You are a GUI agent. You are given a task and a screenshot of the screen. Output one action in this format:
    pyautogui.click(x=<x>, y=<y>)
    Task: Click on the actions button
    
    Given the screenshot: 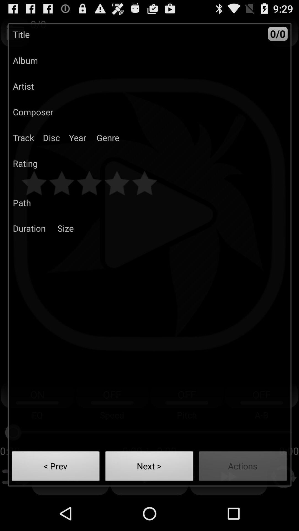 What is the action you would take?
    pyautogui.click(x=243, y=467)
    